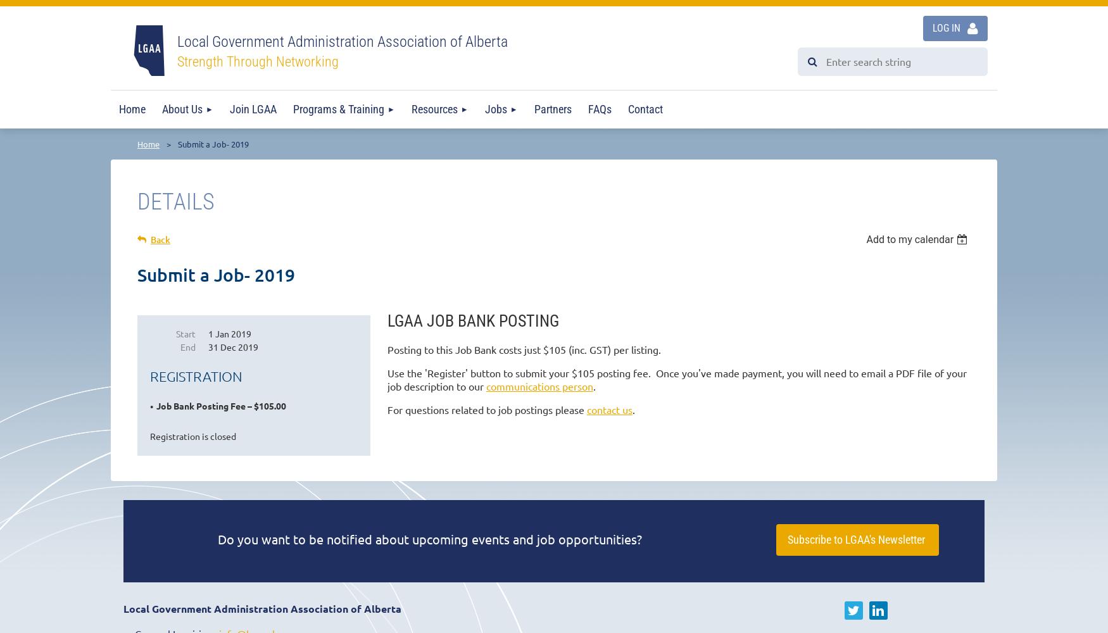 The height and width of the screenshot is (633, 1108). What do you see at coordinates (229, 334) in the screenshot?
I see `'1 Jan 2019'` at bounding box center [229, 334].